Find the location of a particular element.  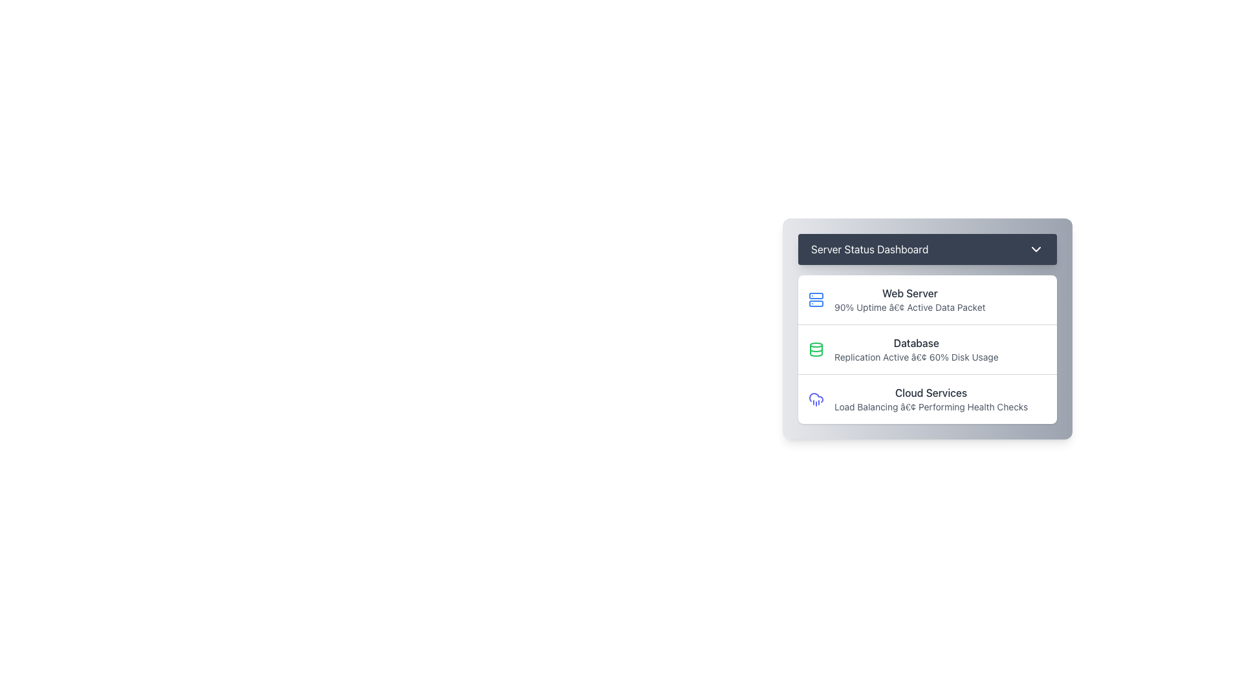

the server icon with a blue outline, positioned to the far left of the 'Web Server' item in the 'Server Status Dashboard' is located at coordinates (816, 299).